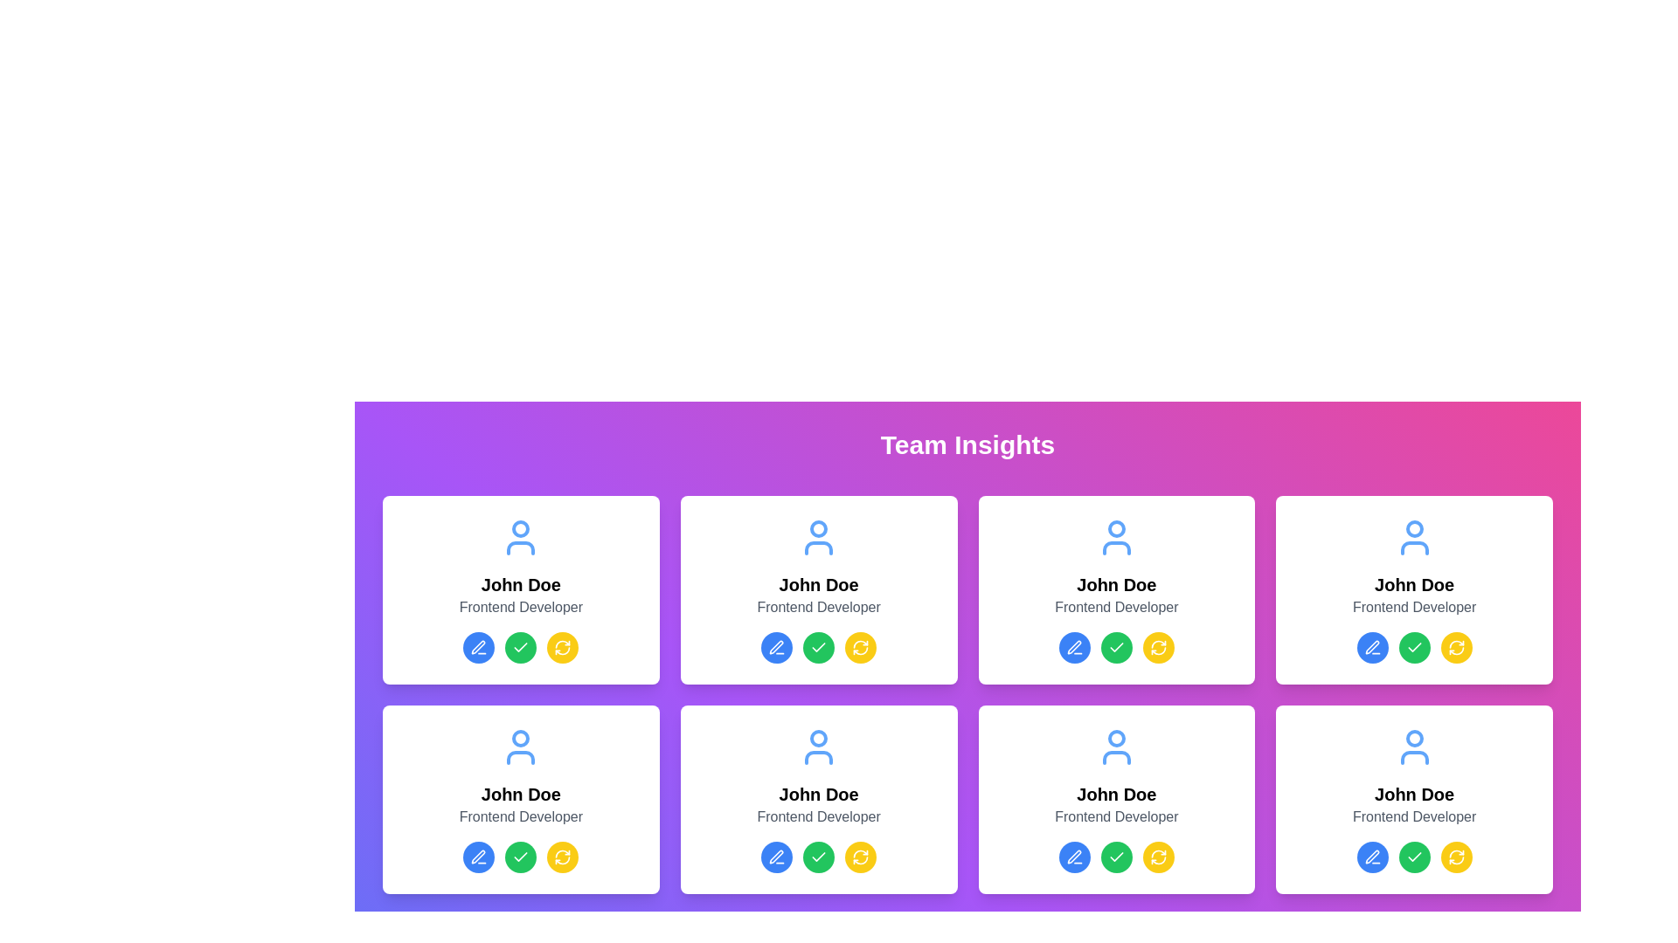  I want to click on the checkmark icon located within the green circular button at the bottom of the second card displaying user information for 'John Doe', Frontend Developer, so click(1115, 647).